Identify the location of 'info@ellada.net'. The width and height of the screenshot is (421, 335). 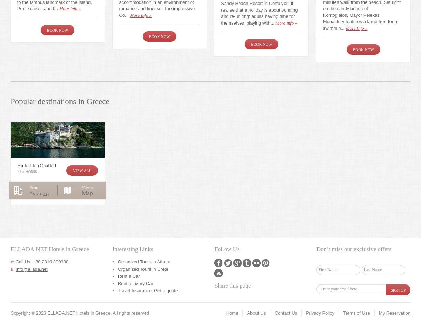
(32, 268).